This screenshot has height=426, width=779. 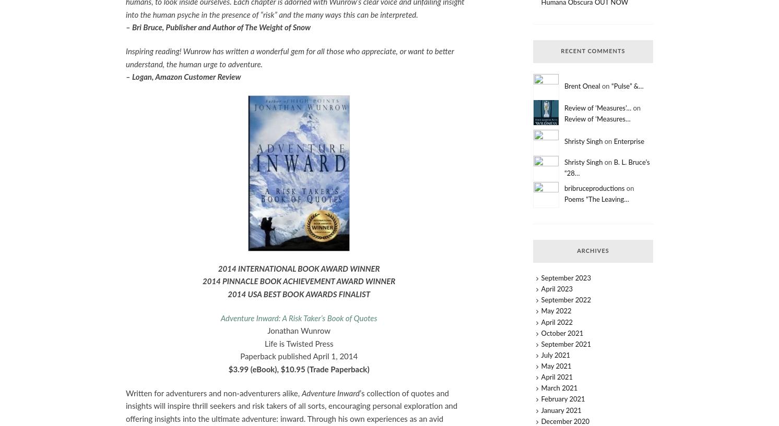 What do you see at coordinates (593, 188) in the screenshot?
I see `'bribruceproductions'` at bounding box center [593, 188].